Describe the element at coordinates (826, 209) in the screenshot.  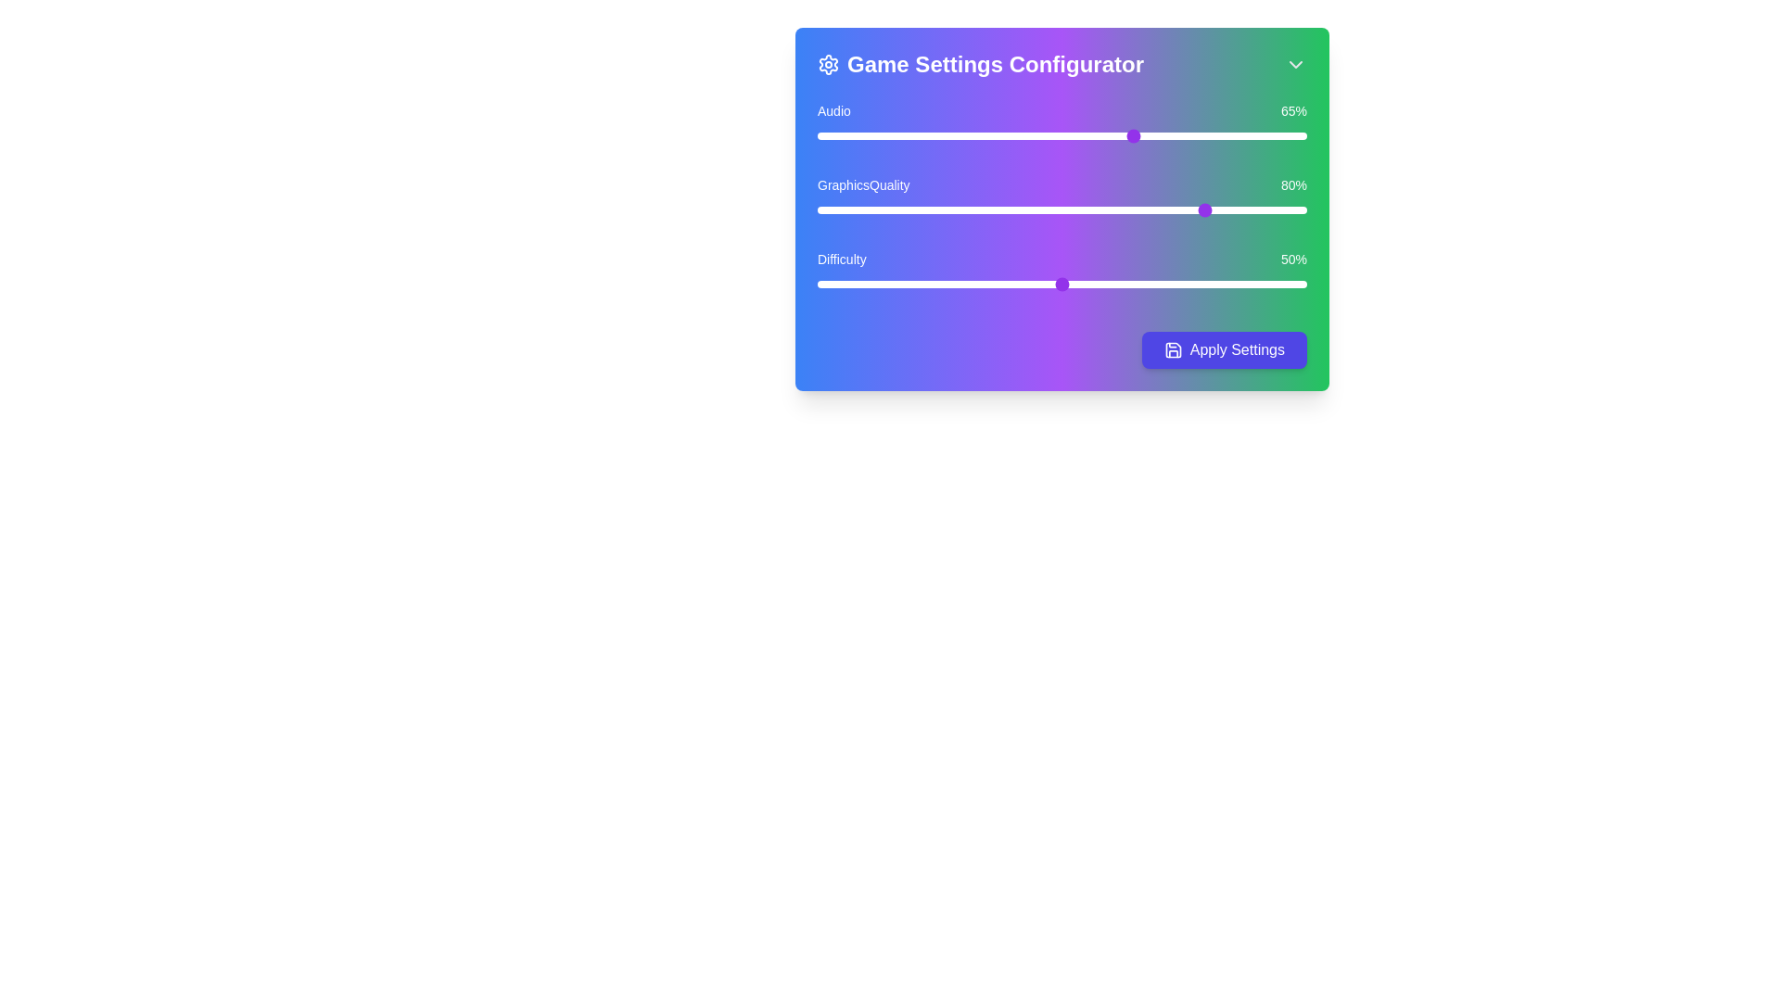
I see `Graphics Quality` at that location.